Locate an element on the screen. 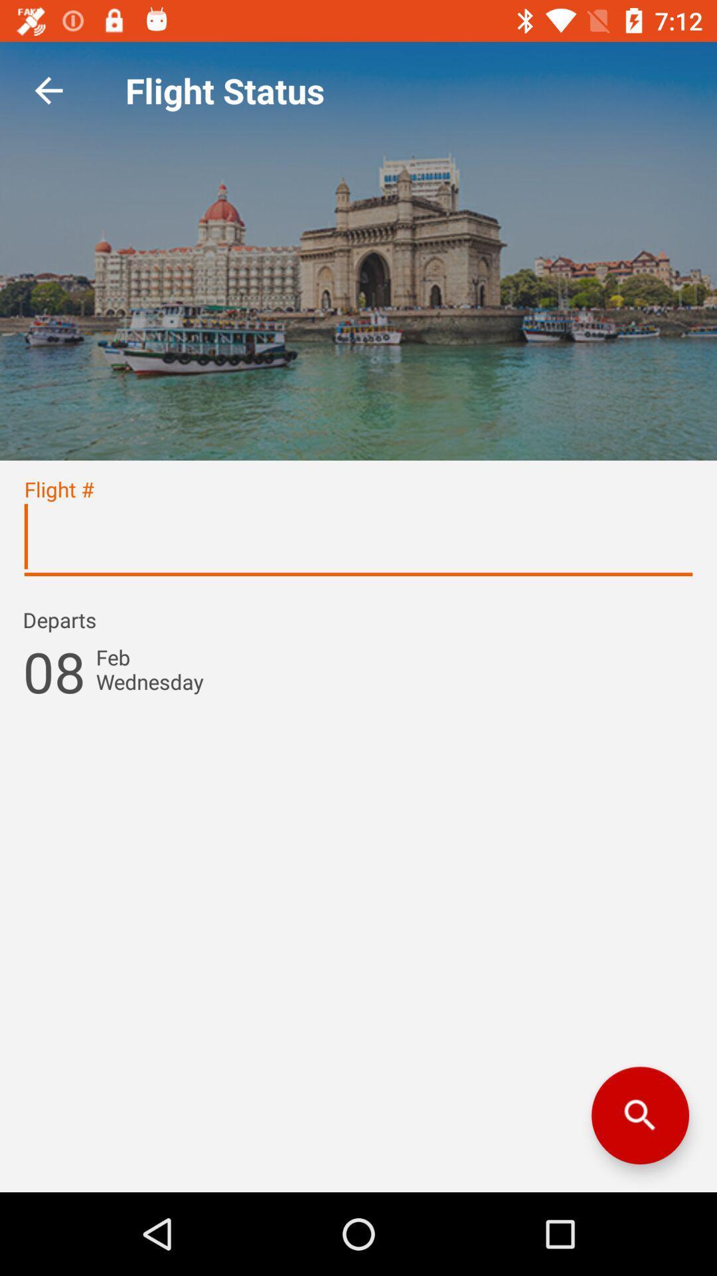 This screenshot has width=717, height=1276. type flight name is located at coordinates (358, 542).